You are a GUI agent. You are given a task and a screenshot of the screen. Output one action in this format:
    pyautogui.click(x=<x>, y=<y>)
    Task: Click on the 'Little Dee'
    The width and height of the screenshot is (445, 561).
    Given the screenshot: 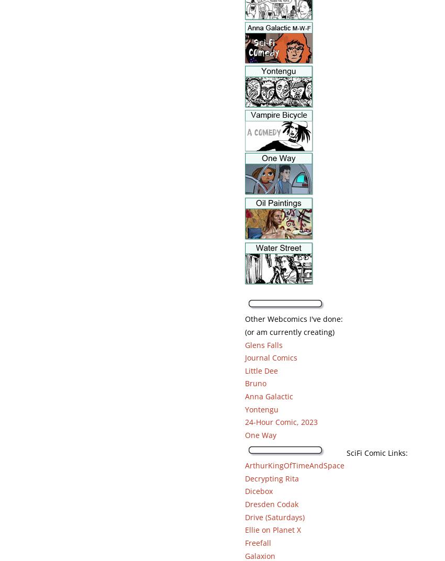 What is the action you would take?
    pyautogui.click(x=261, y=369)
    